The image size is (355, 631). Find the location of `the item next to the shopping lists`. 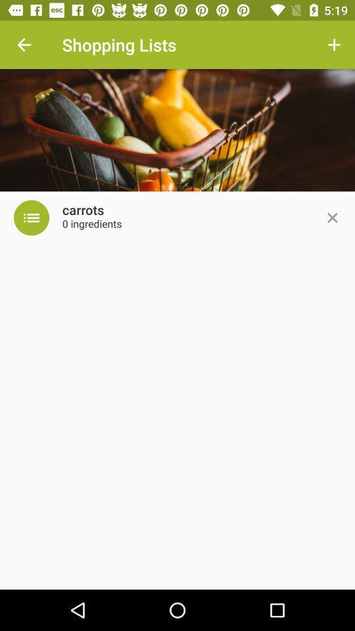

the item next to the shopping lists is located at coordinates (334, 45).